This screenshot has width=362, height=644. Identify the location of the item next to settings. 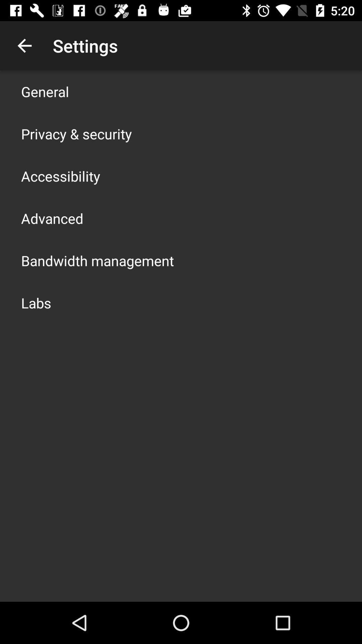
(24, 45).